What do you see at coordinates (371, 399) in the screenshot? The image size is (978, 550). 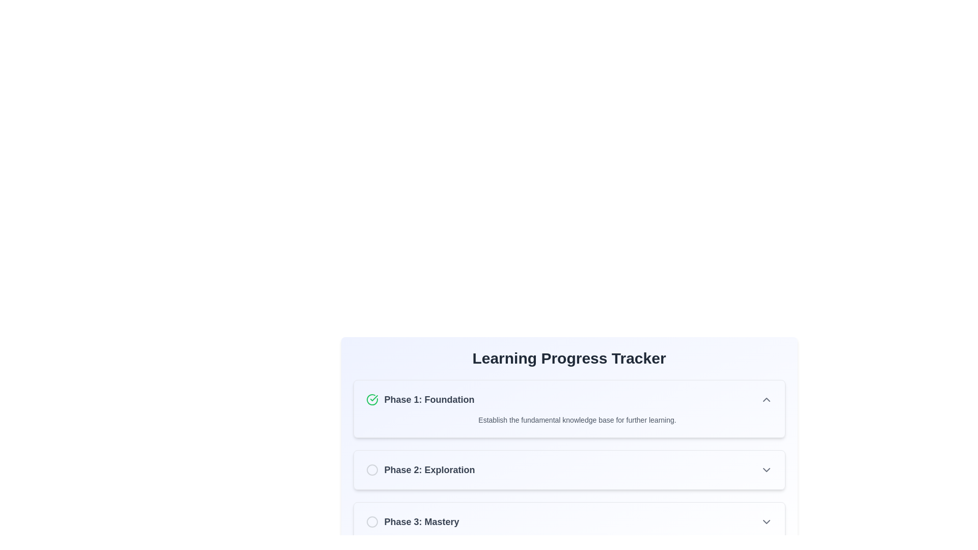 I see `the status represented by the green checkmark icon located to the left of 'Phase 1: Foundation' in the learning tracker list` at bounding box center [371, 399].